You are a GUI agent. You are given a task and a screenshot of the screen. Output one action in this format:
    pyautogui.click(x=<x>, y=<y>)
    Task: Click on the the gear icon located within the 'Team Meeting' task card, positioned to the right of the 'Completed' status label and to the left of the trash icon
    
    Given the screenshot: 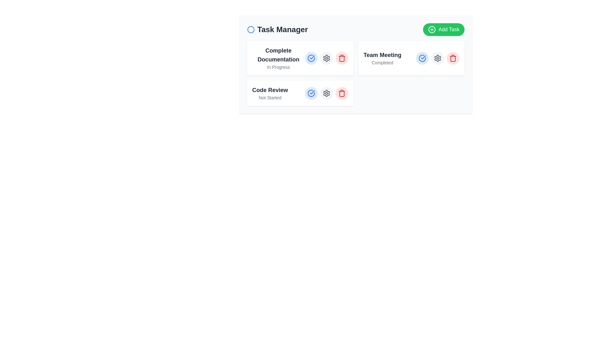 What is the action you would take?
    pyautogui.click(x=437, y=58)
    